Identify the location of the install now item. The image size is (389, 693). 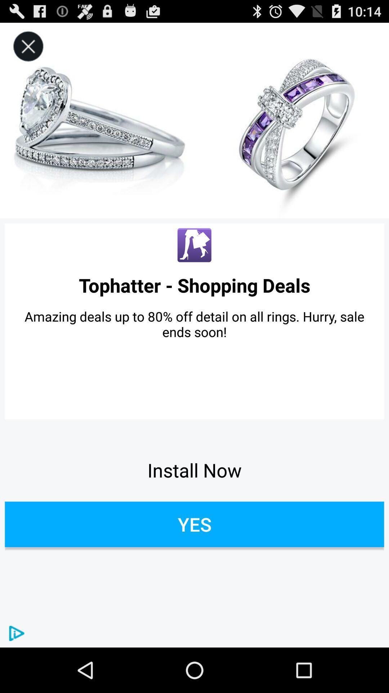
(194, 470).